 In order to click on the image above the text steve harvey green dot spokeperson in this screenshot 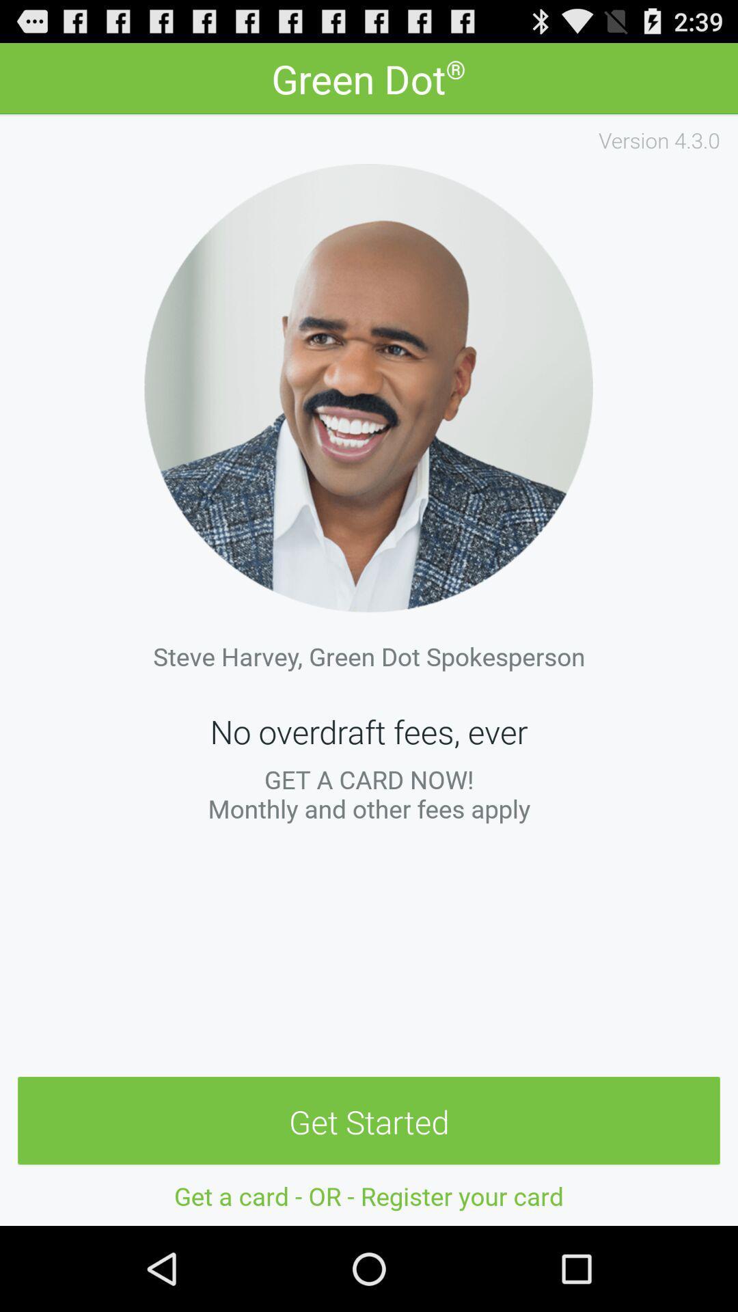, I will do `click(369, 387)`.